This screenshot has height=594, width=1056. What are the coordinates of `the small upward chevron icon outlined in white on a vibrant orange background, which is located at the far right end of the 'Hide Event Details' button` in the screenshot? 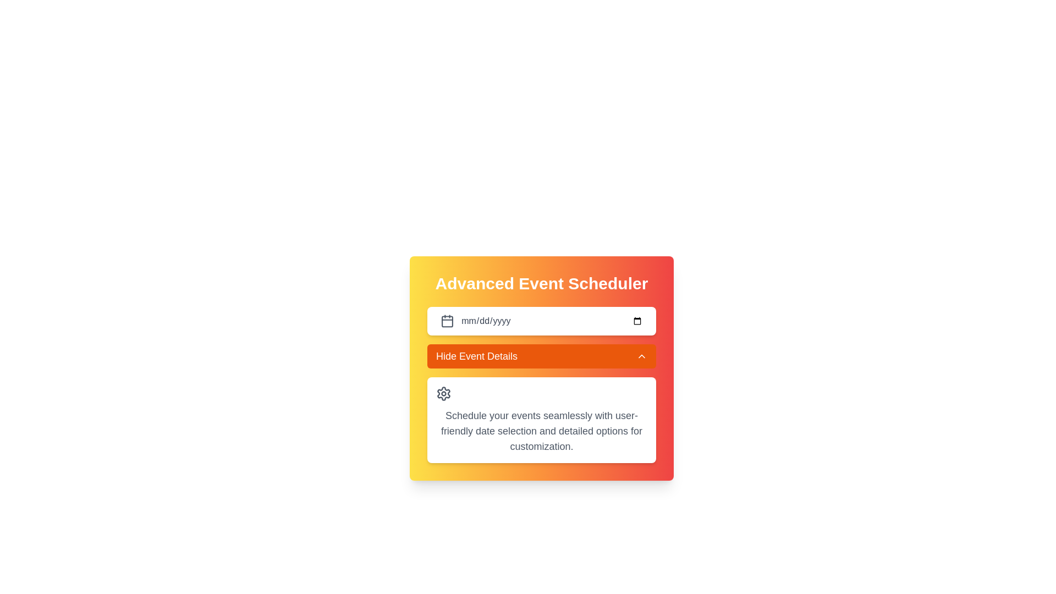 It's located at (641, 356).